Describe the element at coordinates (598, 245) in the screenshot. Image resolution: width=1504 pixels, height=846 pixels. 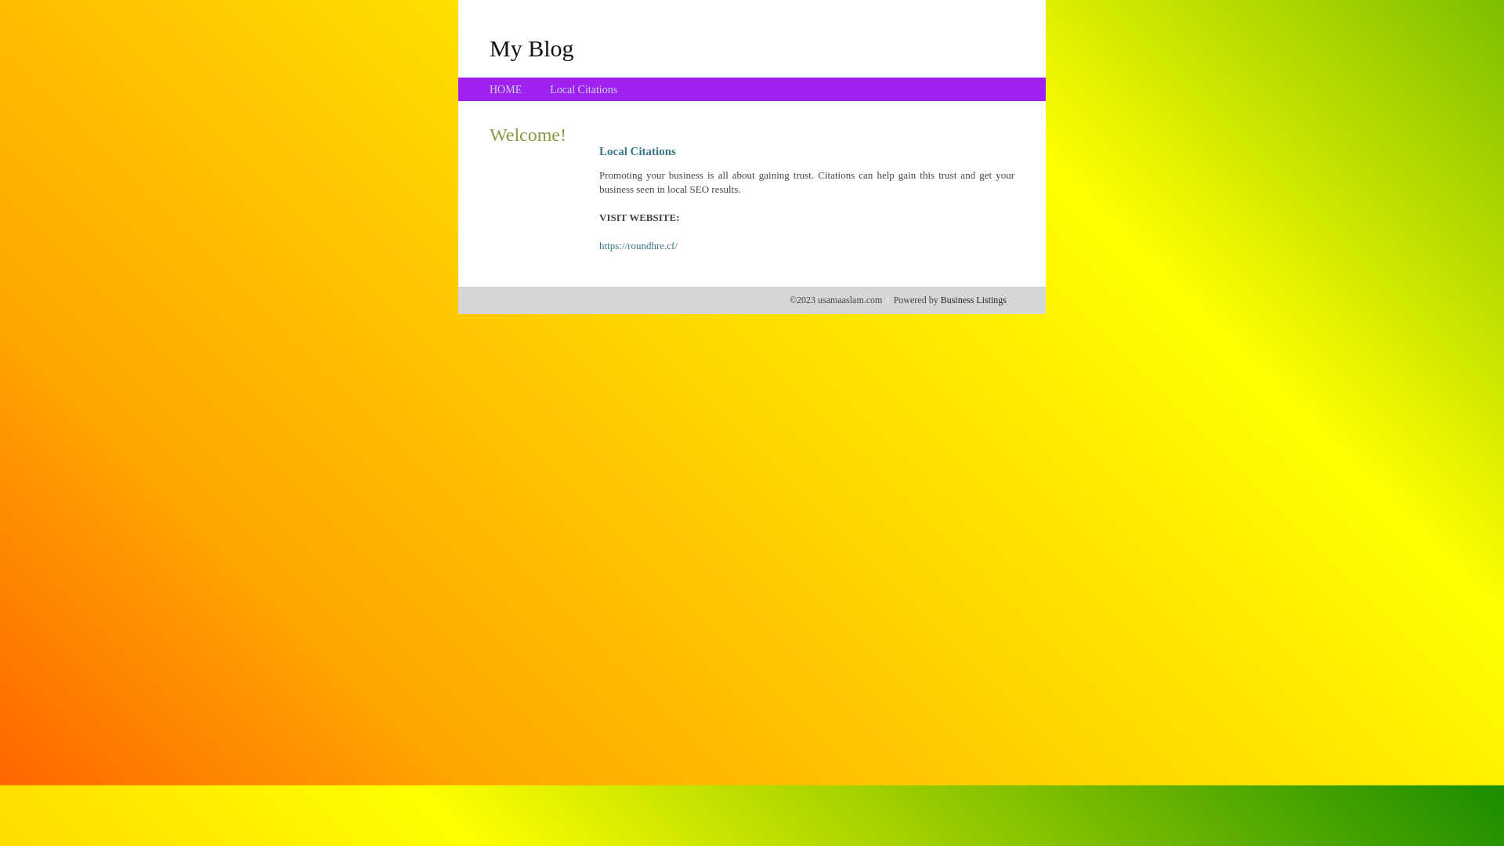
I see `'https://roundhre.cf/'` at that location.